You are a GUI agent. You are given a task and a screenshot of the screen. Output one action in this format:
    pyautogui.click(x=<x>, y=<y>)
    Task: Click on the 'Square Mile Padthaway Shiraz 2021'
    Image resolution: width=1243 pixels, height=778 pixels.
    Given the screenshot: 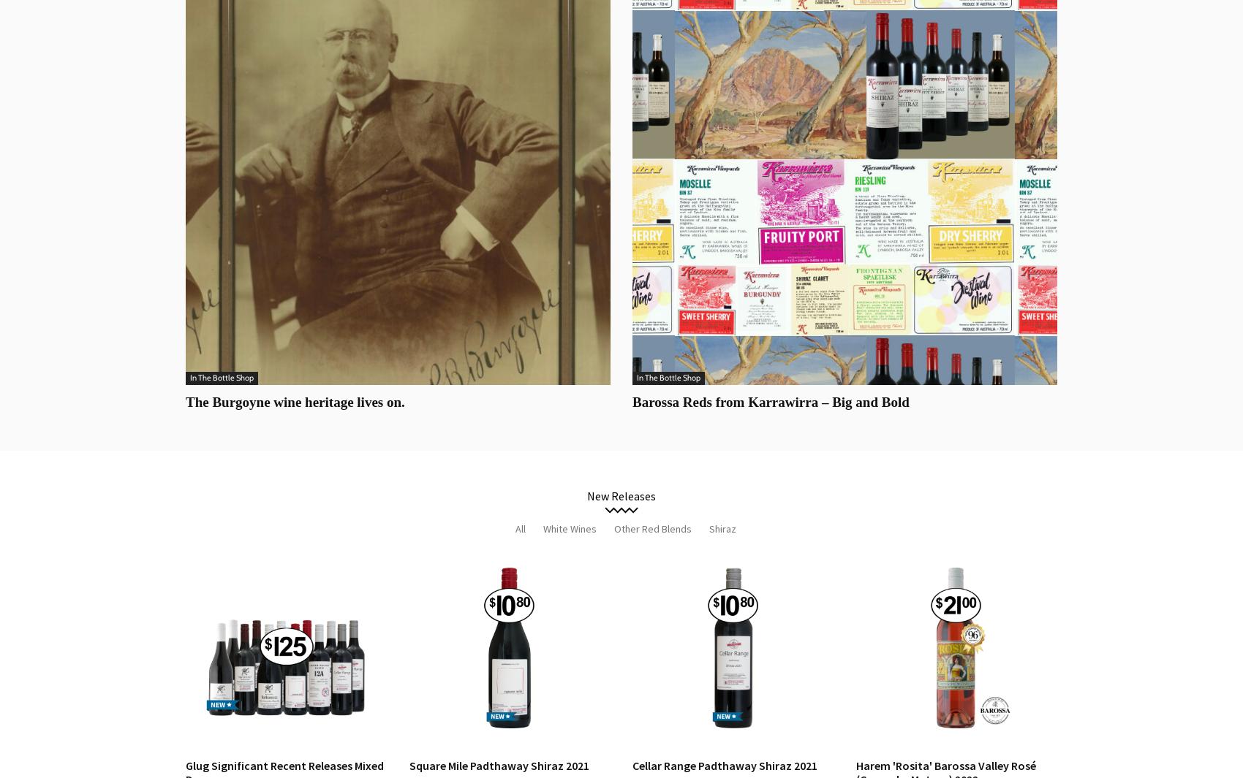 What is the action you would take?
    pyautogui.click(x=407, y=765)
    